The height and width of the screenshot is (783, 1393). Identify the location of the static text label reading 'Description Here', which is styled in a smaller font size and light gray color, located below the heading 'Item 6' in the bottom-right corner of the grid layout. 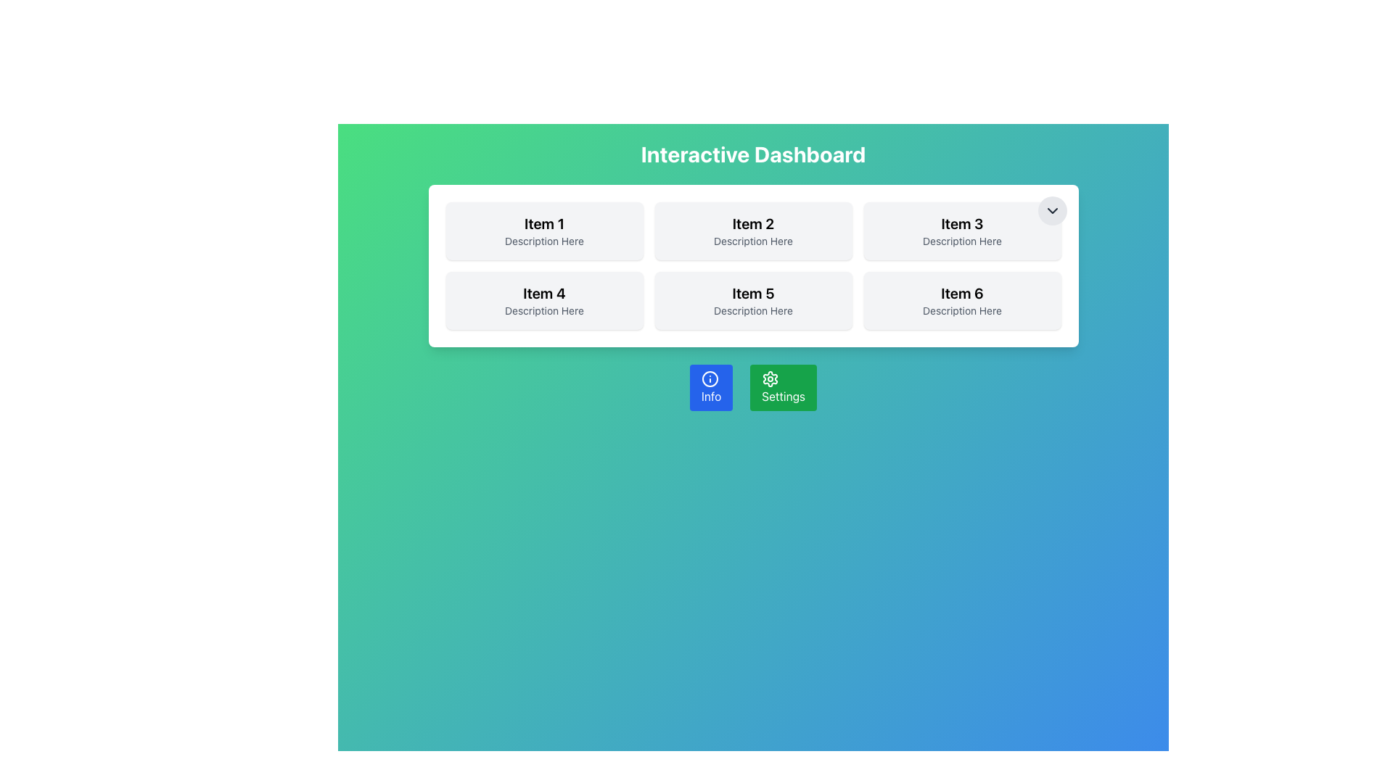
(962, 310).